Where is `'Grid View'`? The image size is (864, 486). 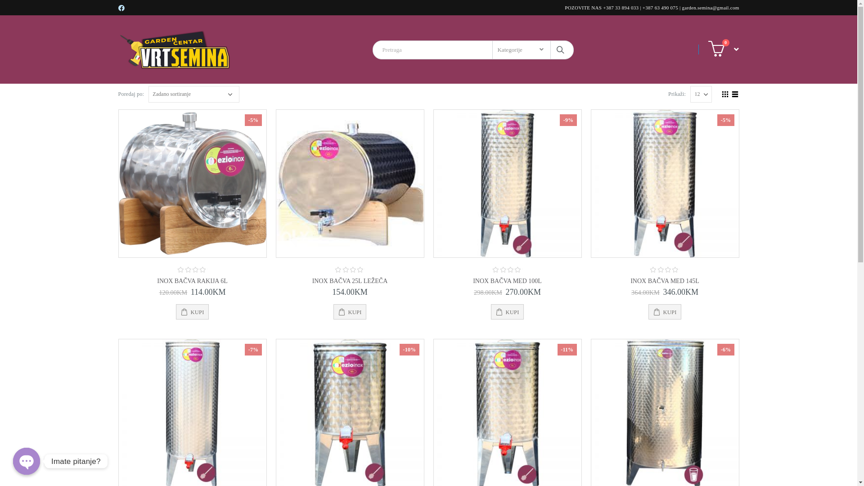
'Grid View' is located at coordinates (725, 93).